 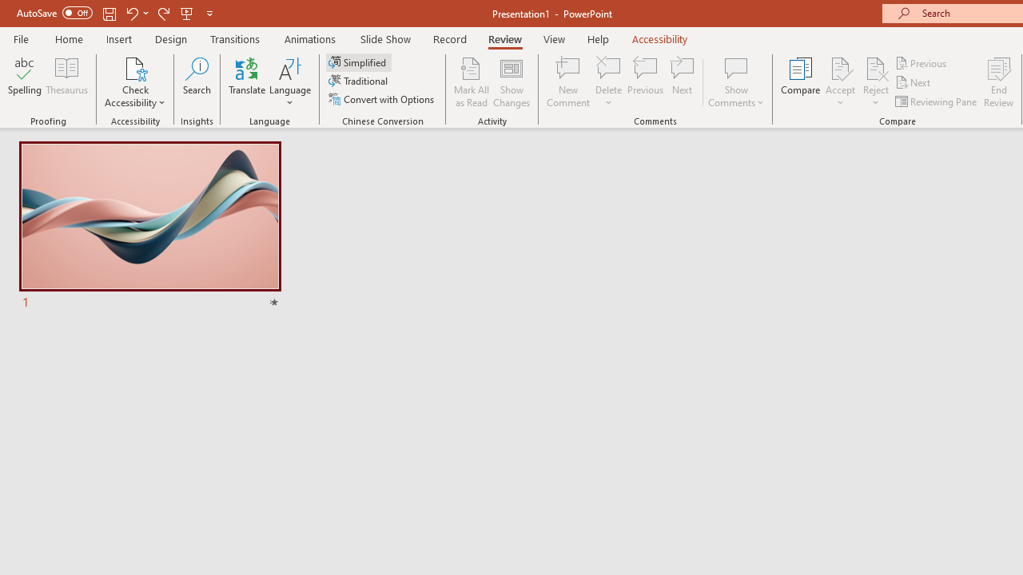 I want to click on 'Check Accessibility', so click(x=135, y=67).